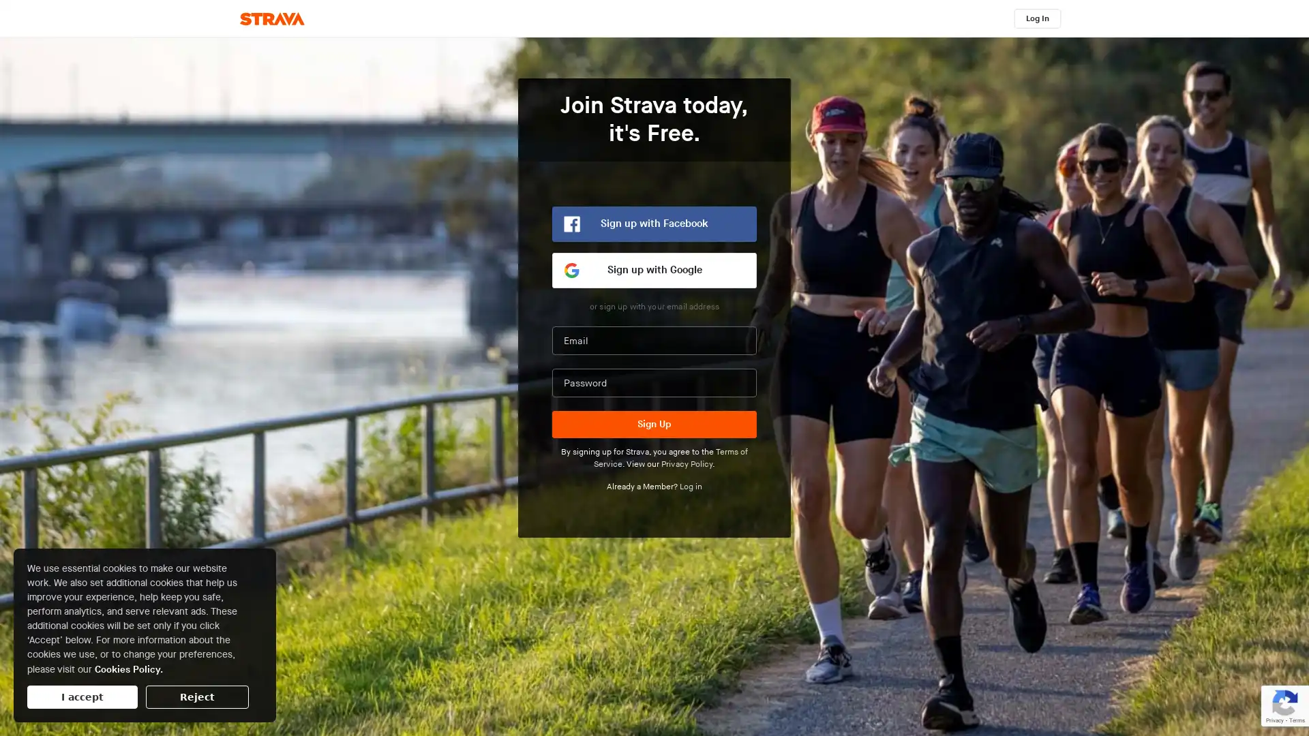 The image size is (1309, 736). What do you see at coordinates (654, 271) in the screenshot?
I see `Sign up with Google` at bounding box center [654, 271].